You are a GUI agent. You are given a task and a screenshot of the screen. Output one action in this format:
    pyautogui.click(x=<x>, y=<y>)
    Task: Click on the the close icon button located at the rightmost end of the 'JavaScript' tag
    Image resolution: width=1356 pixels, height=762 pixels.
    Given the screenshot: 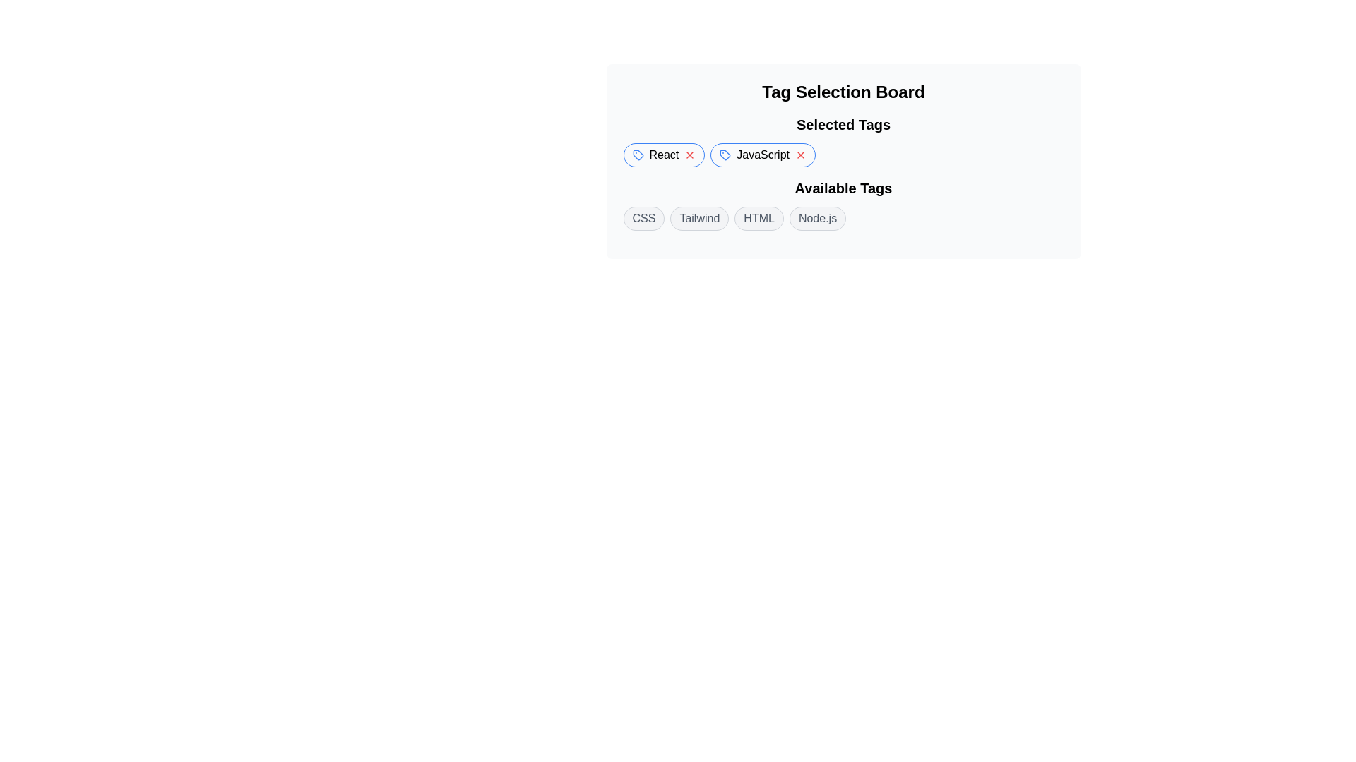 What is the action you would take?
    pyautogui.click(x=800, y=155)
    